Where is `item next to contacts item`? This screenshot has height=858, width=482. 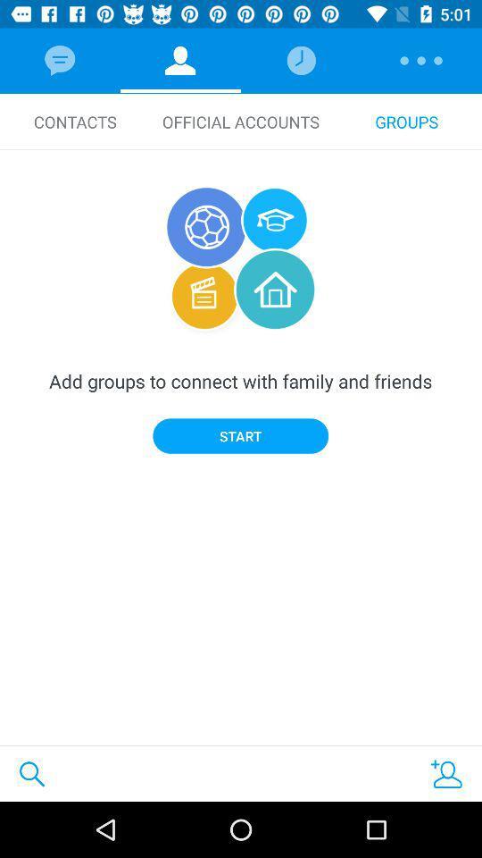
item next to contacts item is located at coordinates (241, 121).